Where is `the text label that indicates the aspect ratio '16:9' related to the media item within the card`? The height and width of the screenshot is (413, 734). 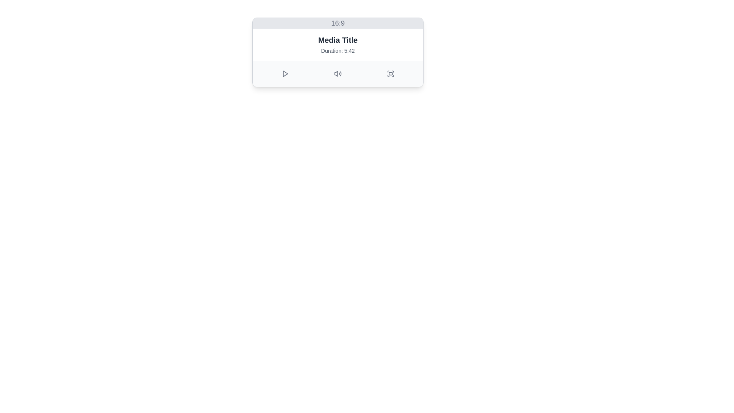
the text label that indicates the aspect ratio '16:9' related to the media item within the card is located at coordinates (337, 23).